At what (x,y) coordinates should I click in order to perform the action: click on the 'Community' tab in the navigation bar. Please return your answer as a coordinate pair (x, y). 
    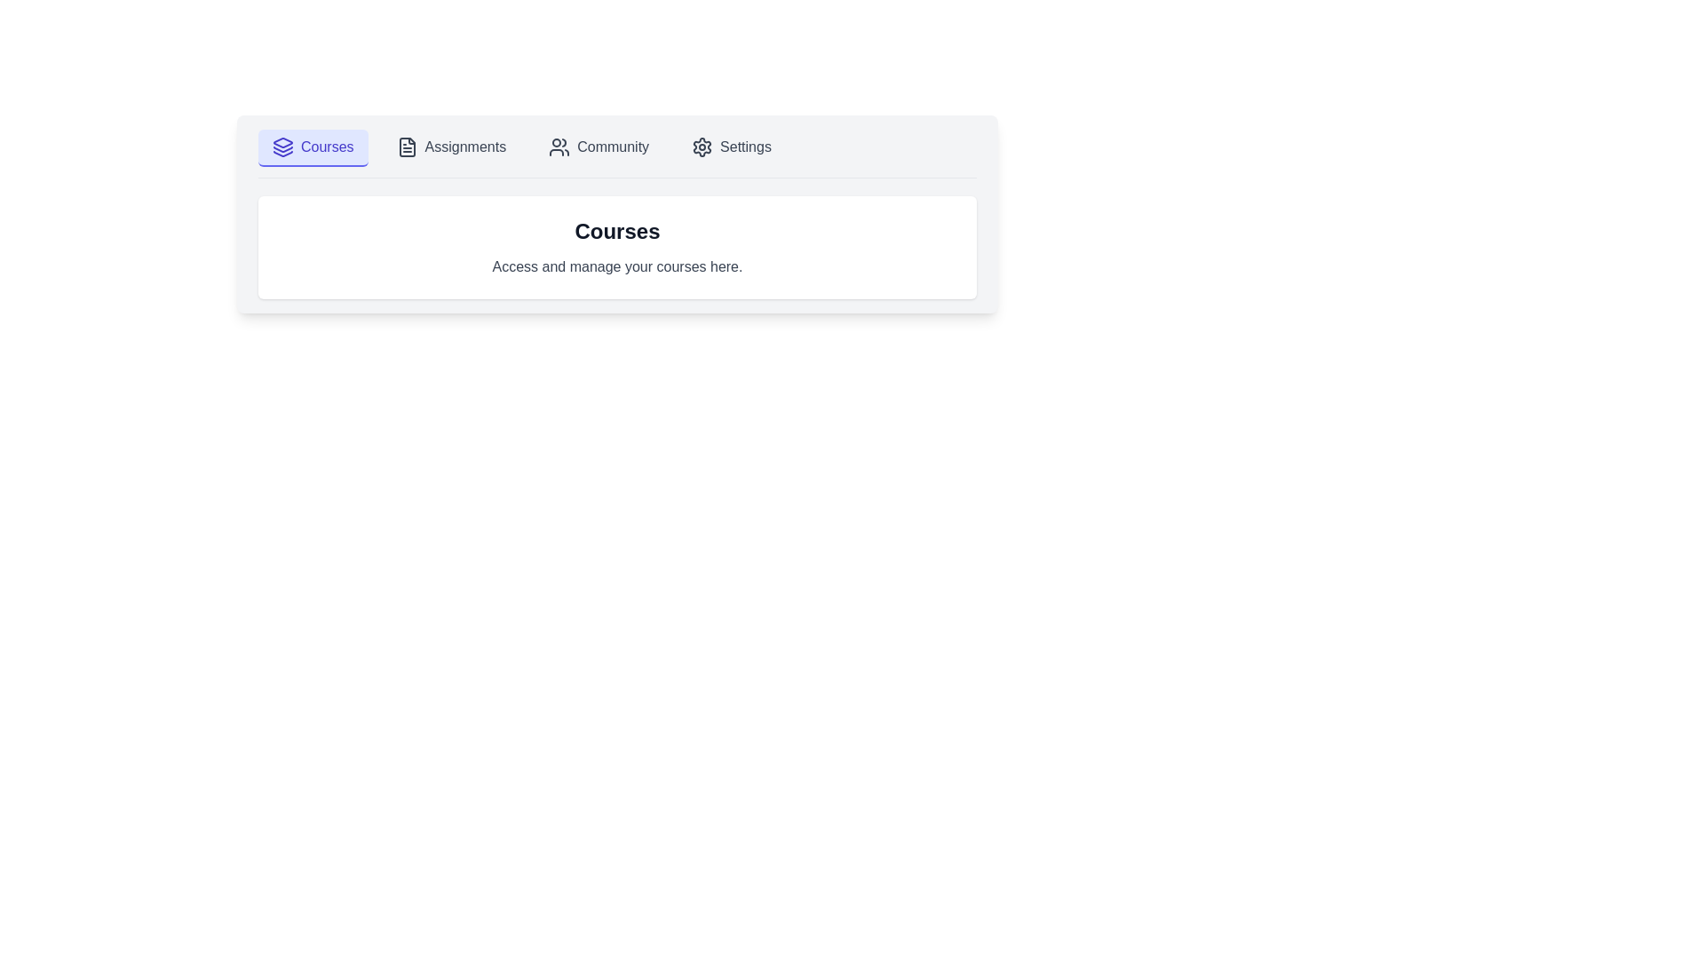
    Looking at the image, I should click on (617, 153).